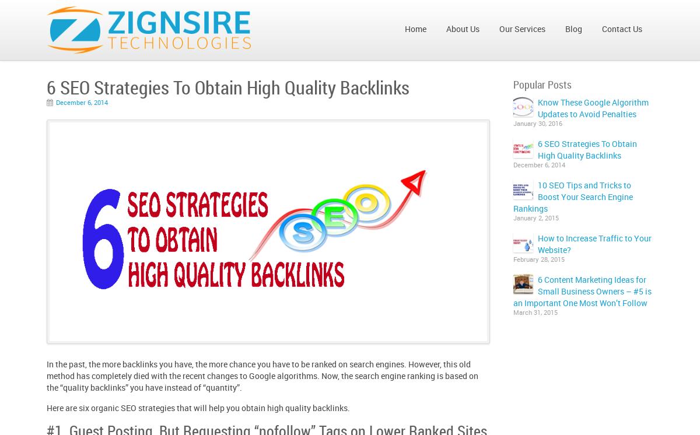 Image resolution: width=700 pixels, height=435 pixels. I want to click on 'March 31, 2015', so click(512, 312).